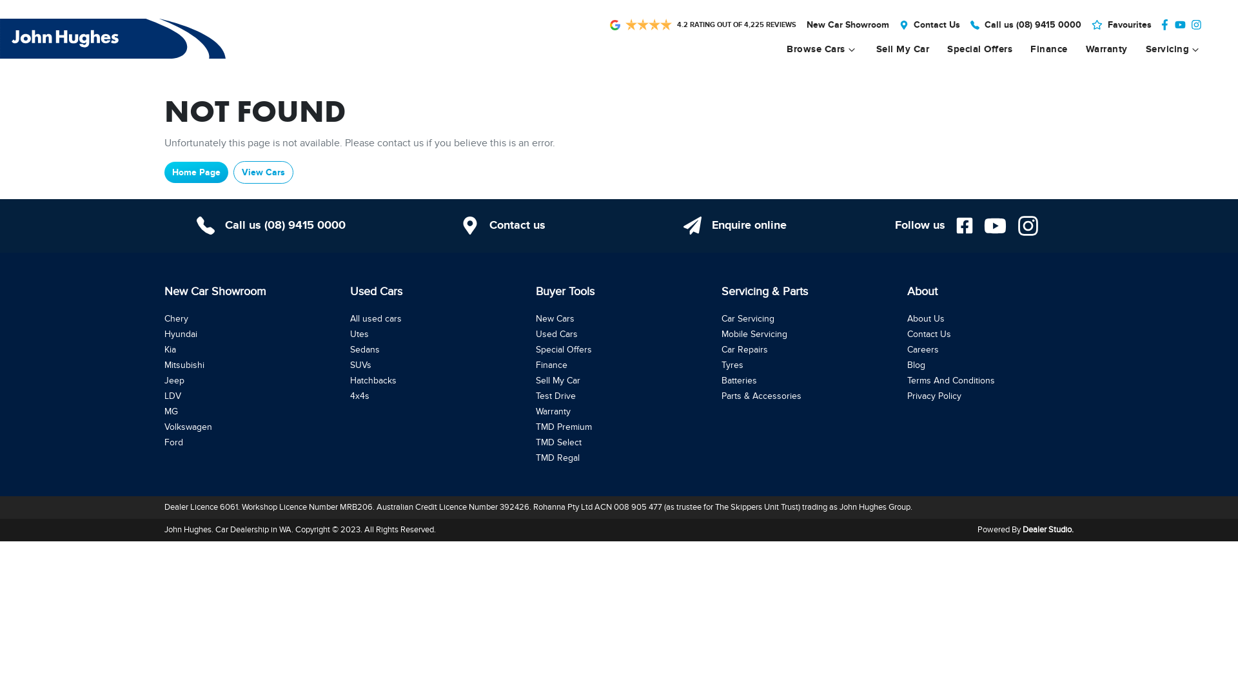  What do you see at coordinates (375, 318) in the screenshot?
I see `'All used cars'` at bounding box center [375, 318].